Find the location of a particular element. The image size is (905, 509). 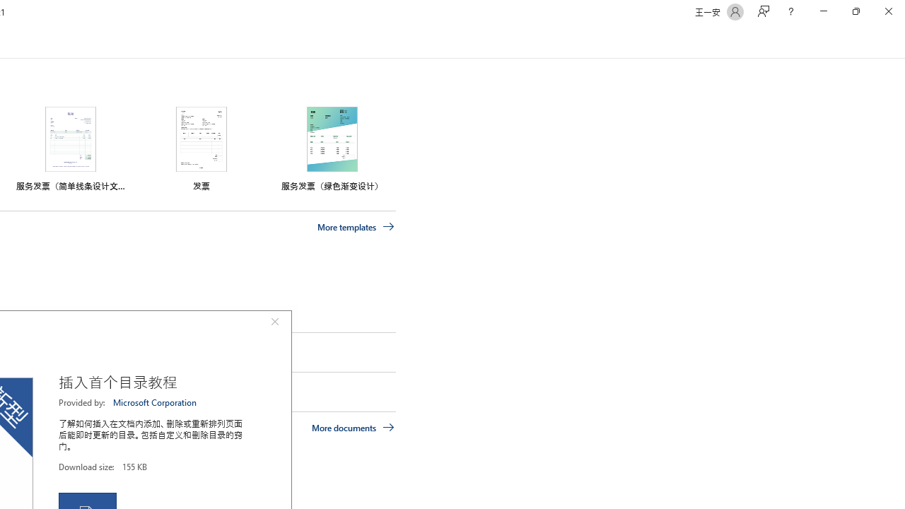

'Minimize' is located at coordinates (823, 11).